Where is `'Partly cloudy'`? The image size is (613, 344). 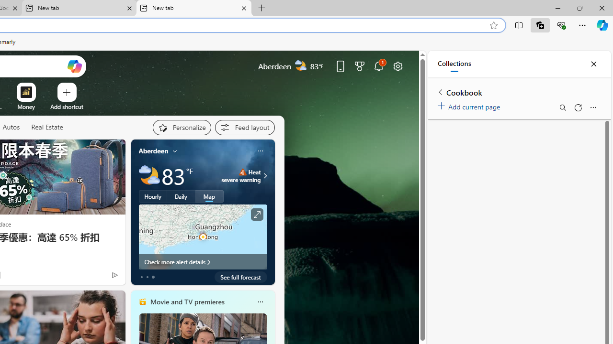 'Partly cloudy' is located at coordinates (148, 176).